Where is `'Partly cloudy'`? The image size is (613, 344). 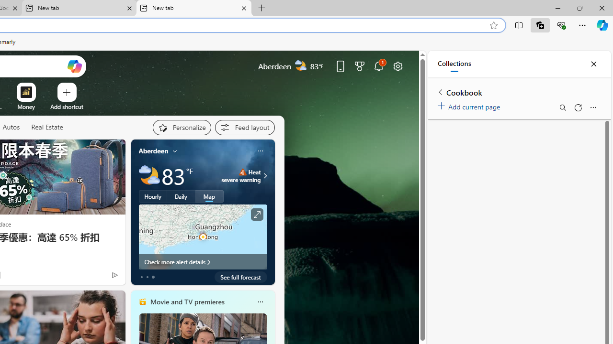 'Partly cloudy' is located at coordinates (148, 176).